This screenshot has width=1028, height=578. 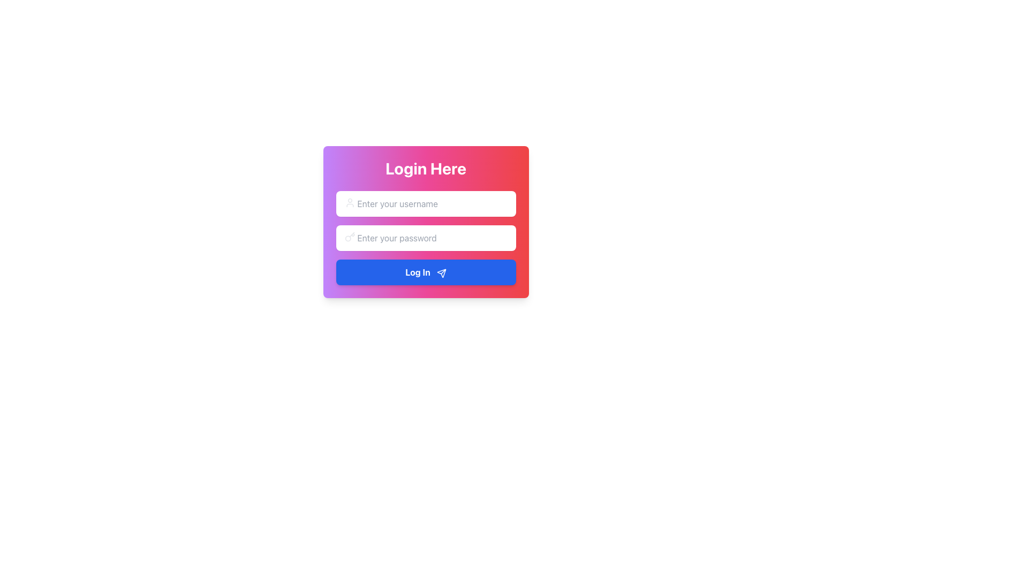 I want to click on the password input field located below the username field and above the Log In button in the 'Login Here' section to focus the field, so click(x=425, y=237).